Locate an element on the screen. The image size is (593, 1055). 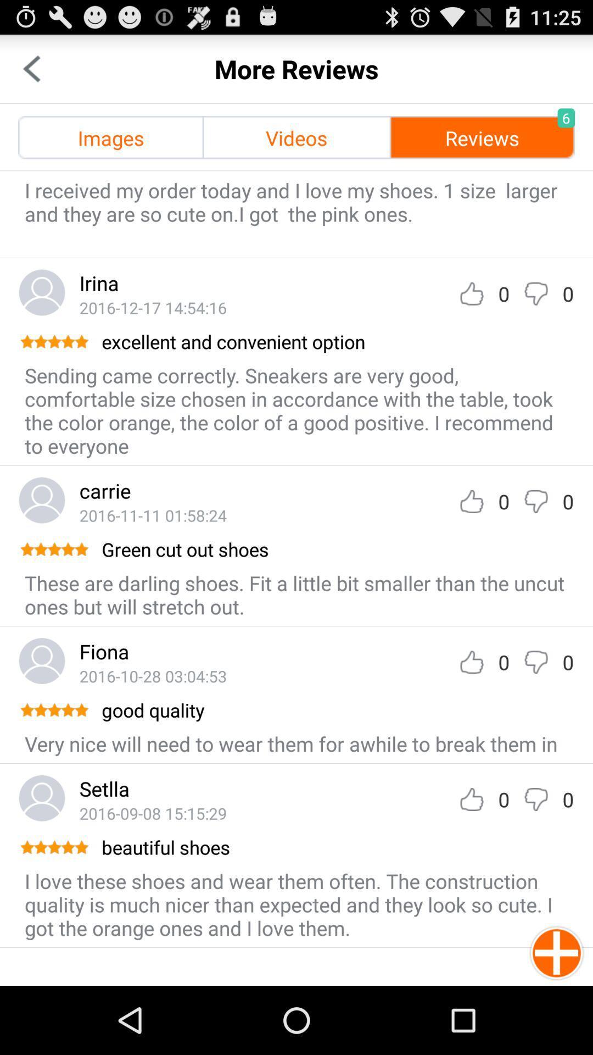
dislike option is located at coordinates (535, 662).